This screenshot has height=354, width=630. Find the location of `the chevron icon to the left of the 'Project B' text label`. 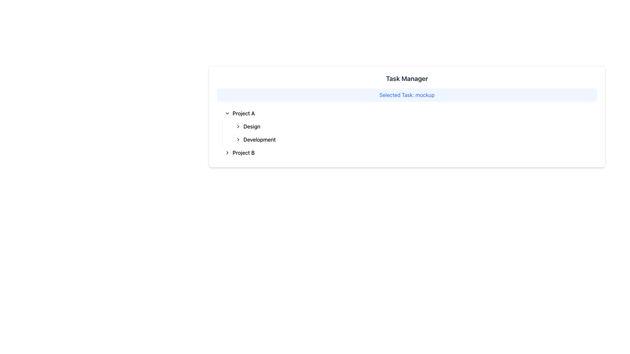

the chevron icon to the left of the 'Project B' text label is located at coordinates (227, 153).